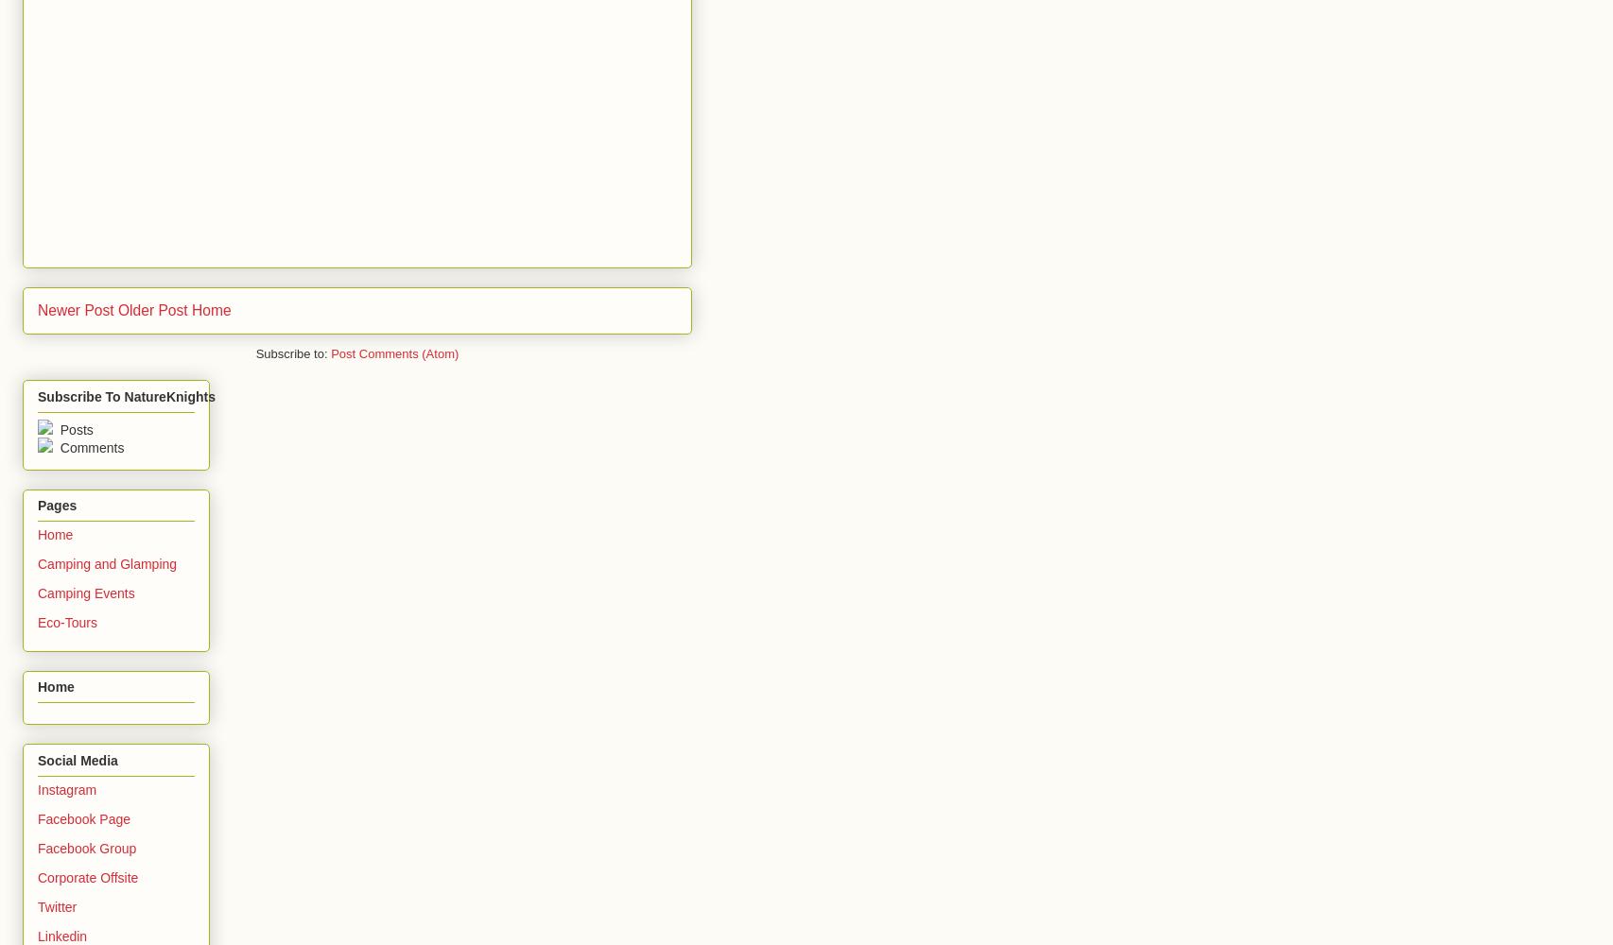 The width and height of the screenshot is (1613, 945). Describe the element at coordinates (67, 622) in the screenshot. I see `'Eco-Tours'` at that location.